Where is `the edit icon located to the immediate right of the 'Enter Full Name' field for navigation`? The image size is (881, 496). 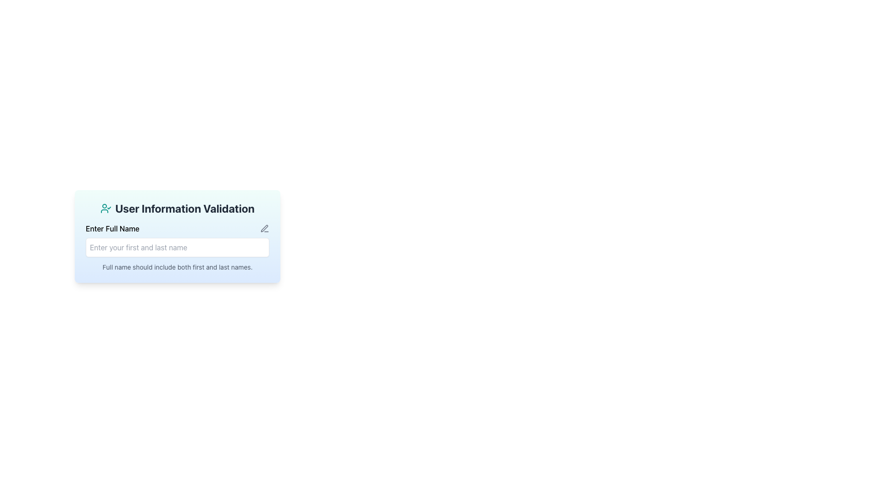
the edit icon located to the immediate right of the 'Enter Full Name' field for navigation is located at coordinates (264, 228).